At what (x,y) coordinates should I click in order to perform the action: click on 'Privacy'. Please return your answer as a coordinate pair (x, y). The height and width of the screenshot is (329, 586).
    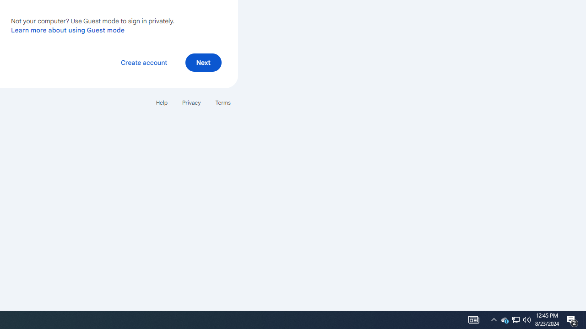
    Looking at the image, I should click on (190, 102).